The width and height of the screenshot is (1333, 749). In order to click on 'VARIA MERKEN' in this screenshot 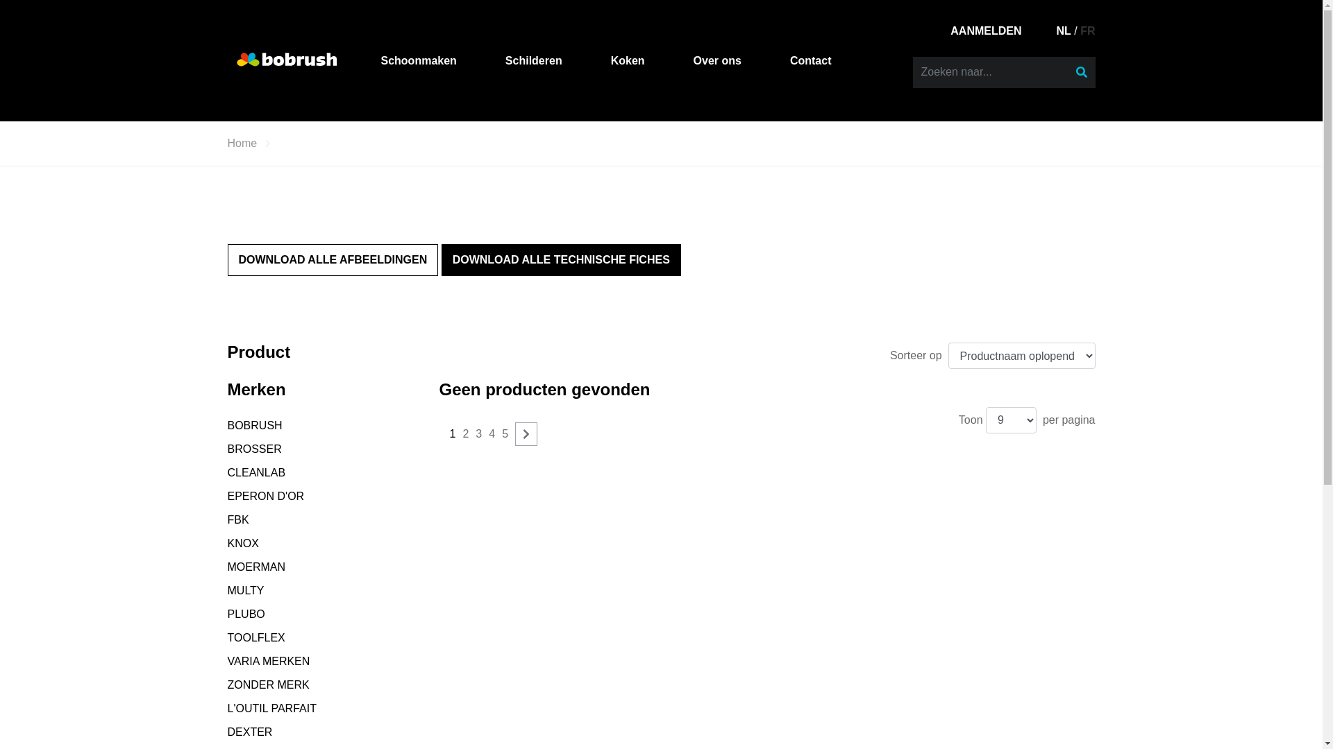, I will do `click(269, 660)`.